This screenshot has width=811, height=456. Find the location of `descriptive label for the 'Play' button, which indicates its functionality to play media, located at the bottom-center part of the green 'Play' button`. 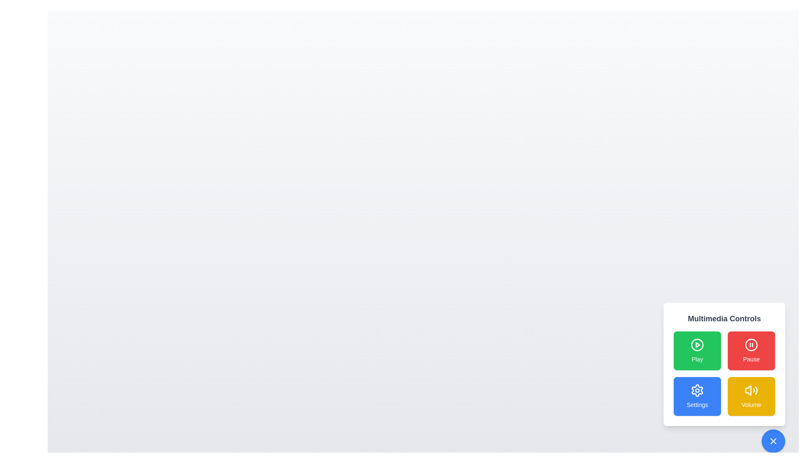

descriptive label for the 'Play' button, which indicates its functionality to play media, located at the bottom-center part of the green 'Play' button is located at coordinates (697, 359).